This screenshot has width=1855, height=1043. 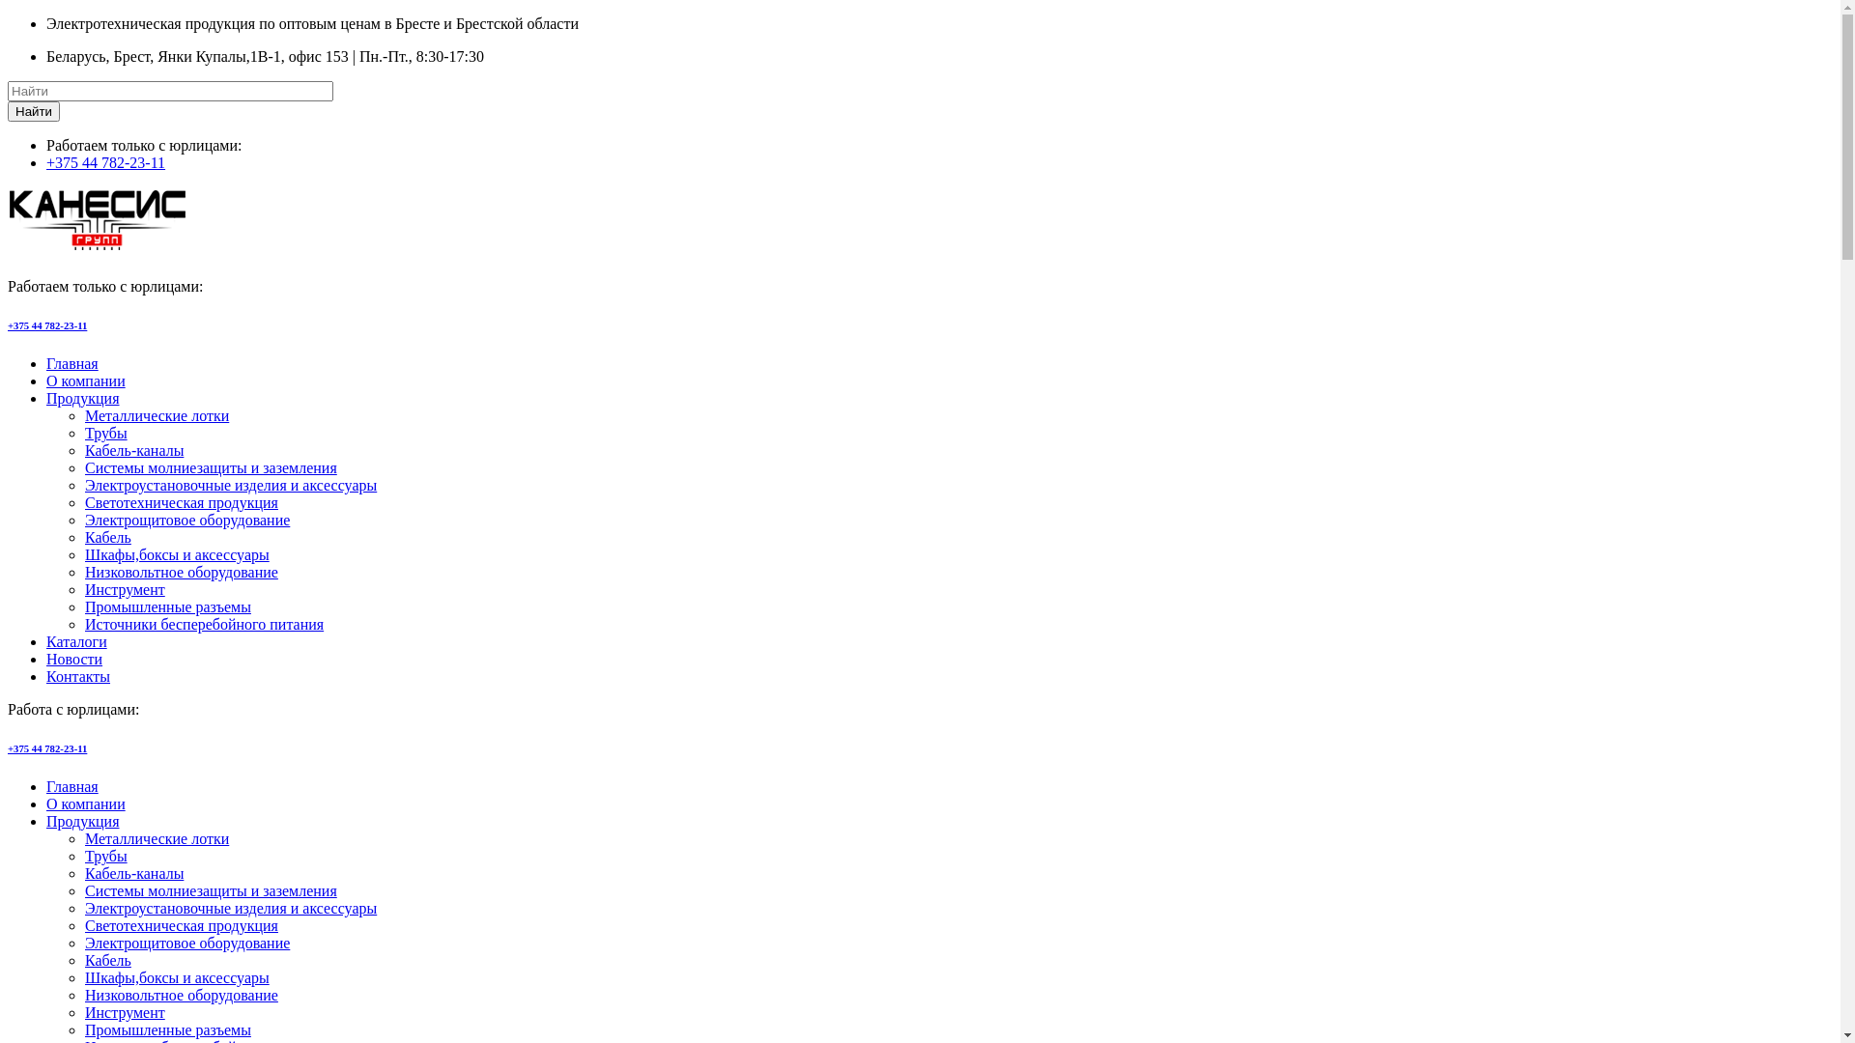 I want to click on '+375 44 782-23-11', so click(x=46, y=747).